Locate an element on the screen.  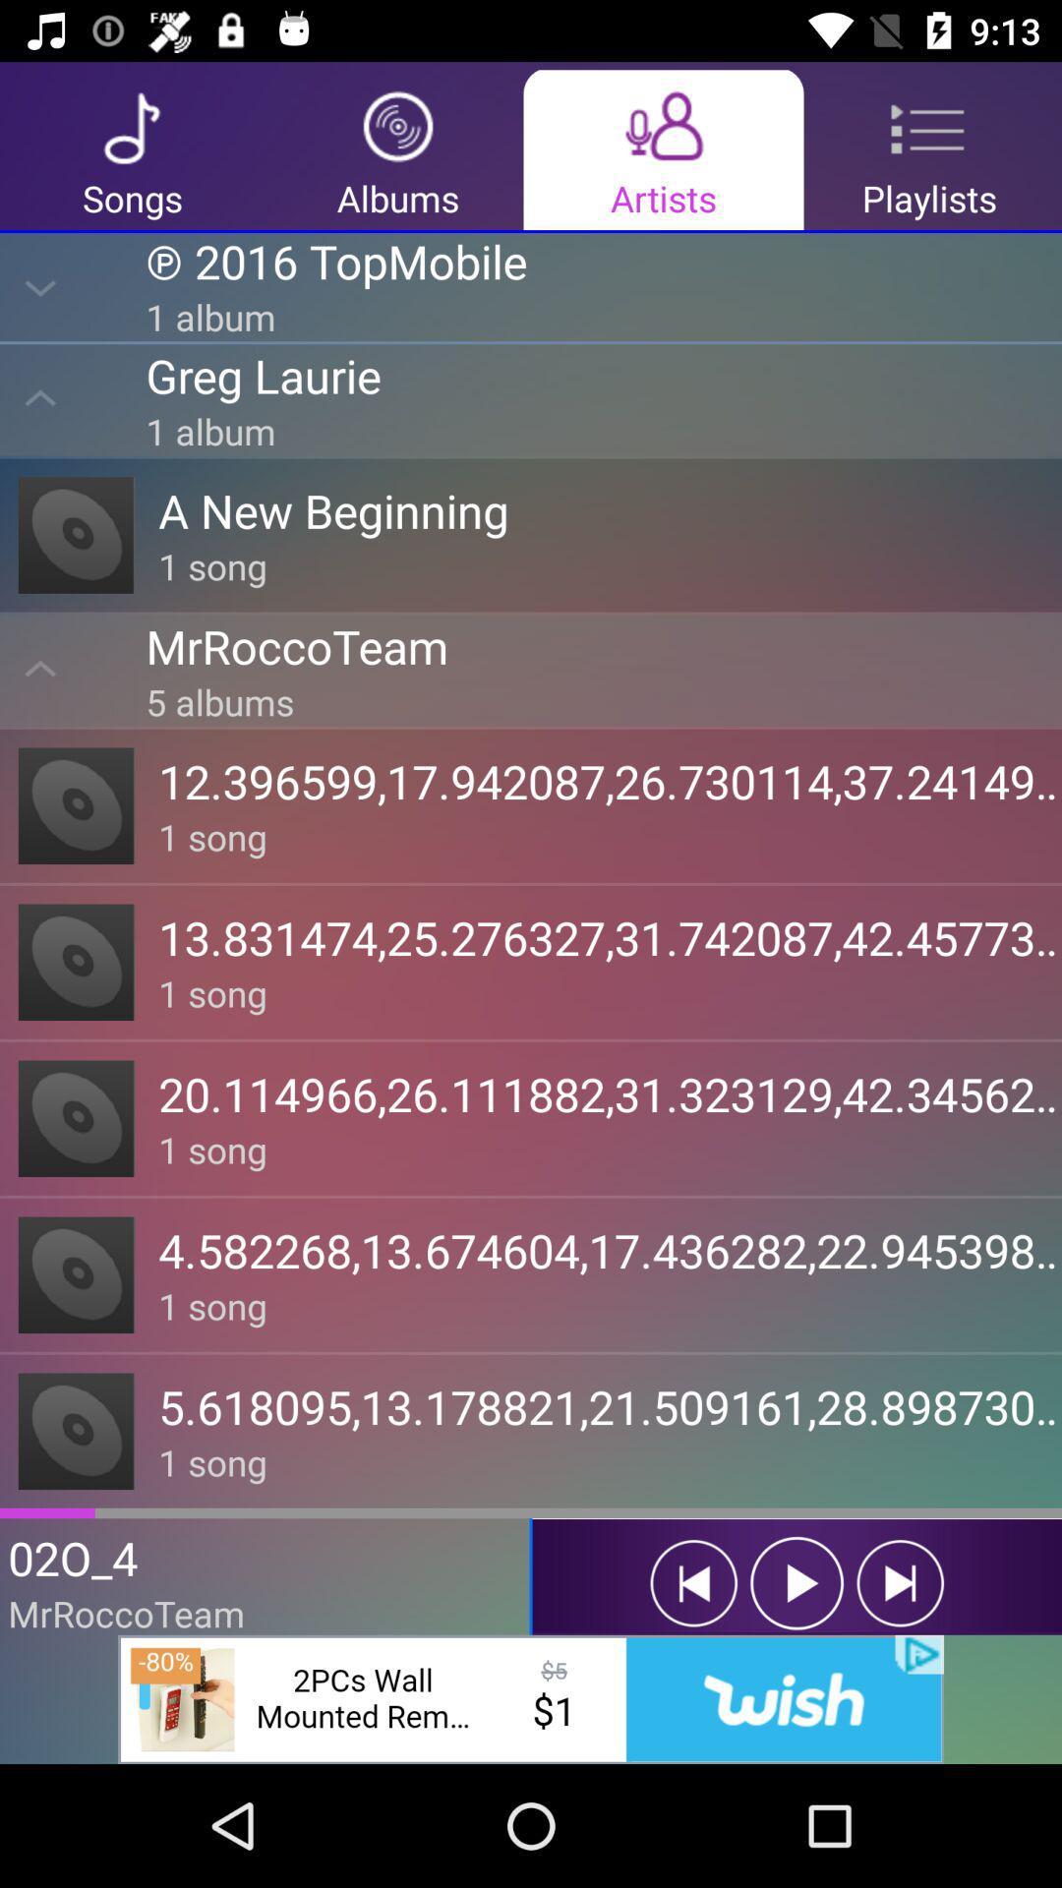
the skip_next icon is located at coordinates (900, 1583).